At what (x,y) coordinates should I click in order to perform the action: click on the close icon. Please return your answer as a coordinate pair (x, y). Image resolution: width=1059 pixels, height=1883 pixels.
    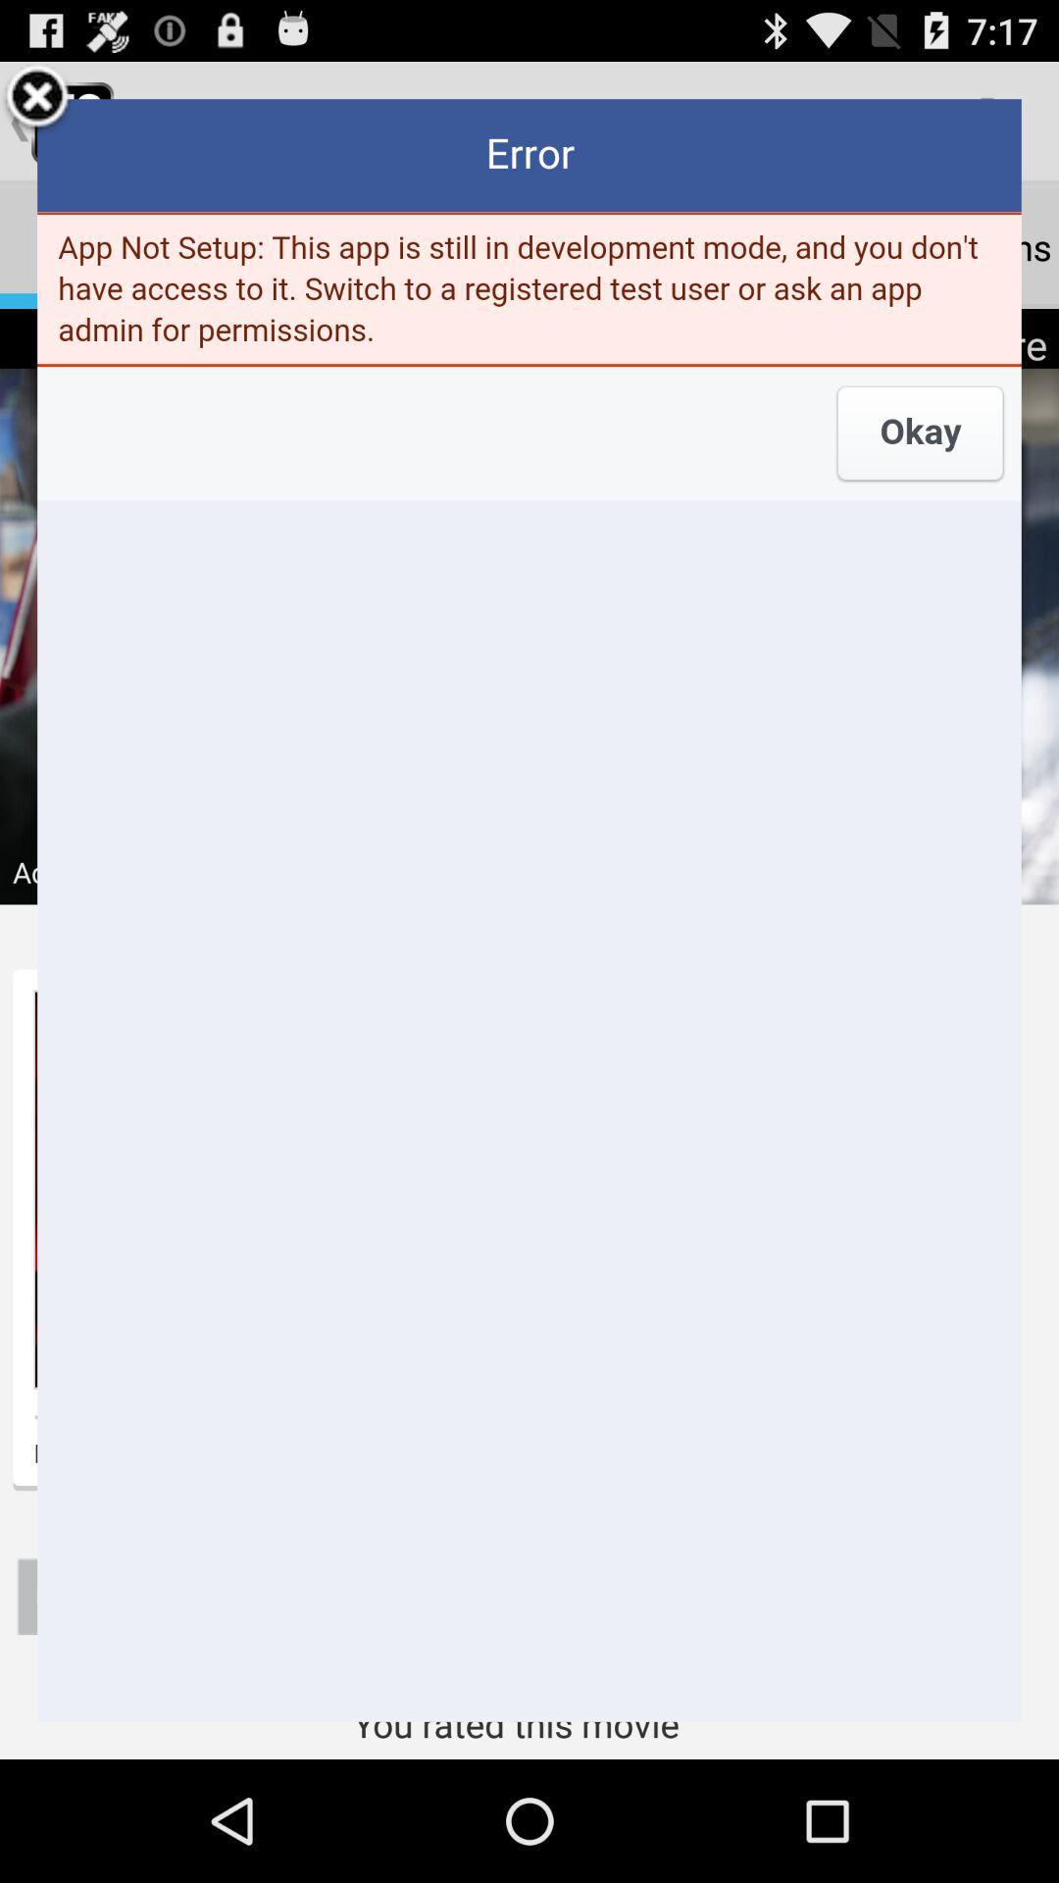
    Looking at the image, I should click on (37, 105).